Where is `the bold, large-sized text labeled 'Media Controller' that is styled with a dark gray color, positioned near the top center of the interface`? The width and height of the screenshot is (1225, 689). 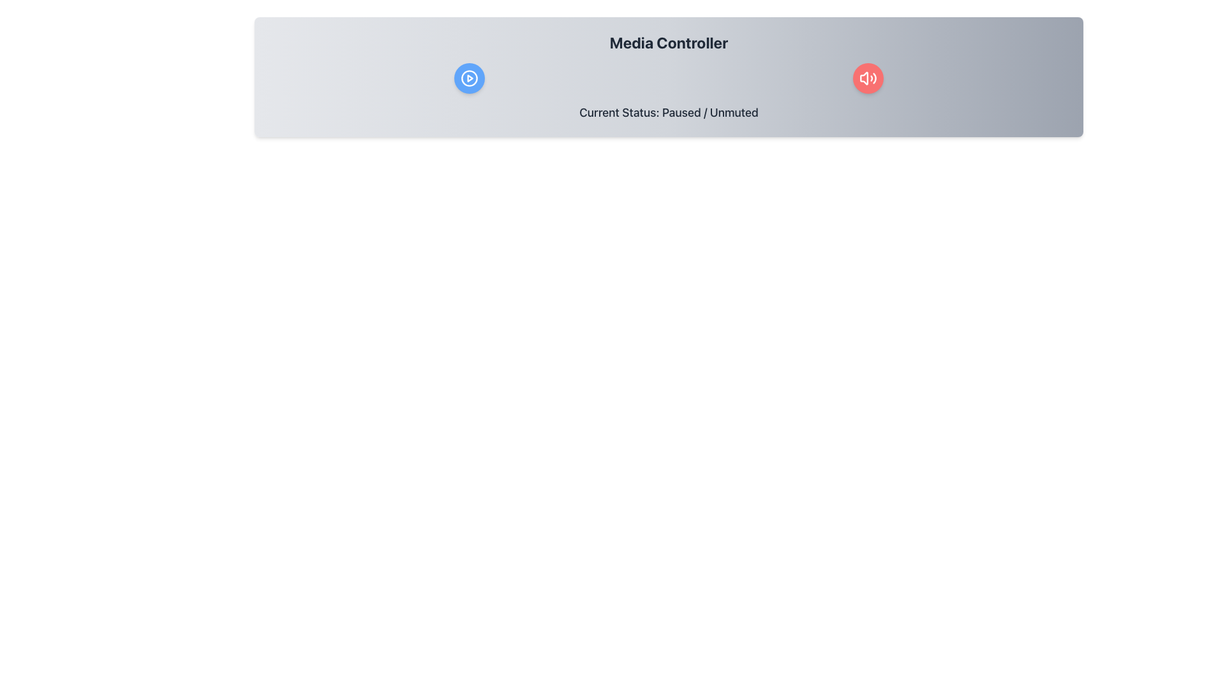 the bold, large-sized text labeled 'Media Controller' that is styled with a dark gray color, positioned near the top center of the interface is located at coordinates (668, 41).